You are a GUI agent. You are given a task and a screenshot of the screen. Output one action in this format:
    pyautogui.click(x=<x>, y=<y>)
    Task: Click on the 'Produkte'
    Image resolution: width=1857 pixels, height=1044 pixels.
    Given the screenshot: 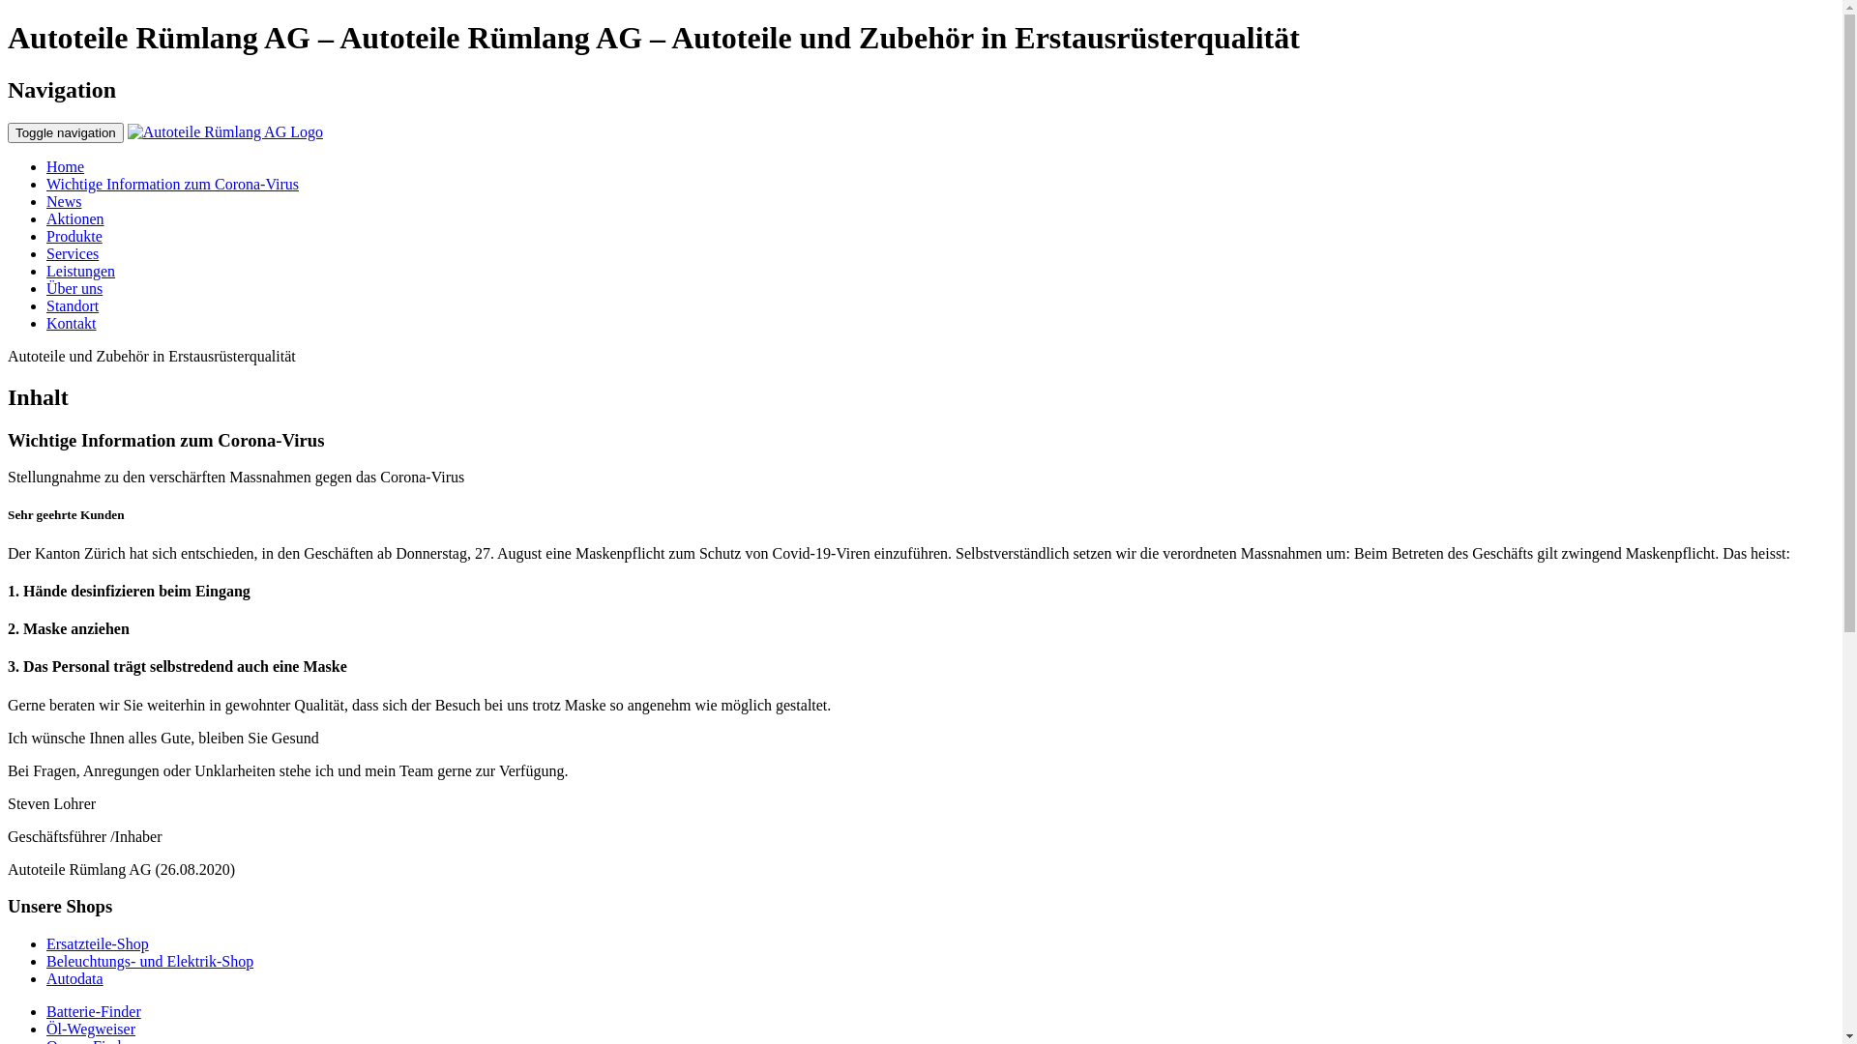 What is the action you would take?
    pyautogui.click(x=74, y=235)
    